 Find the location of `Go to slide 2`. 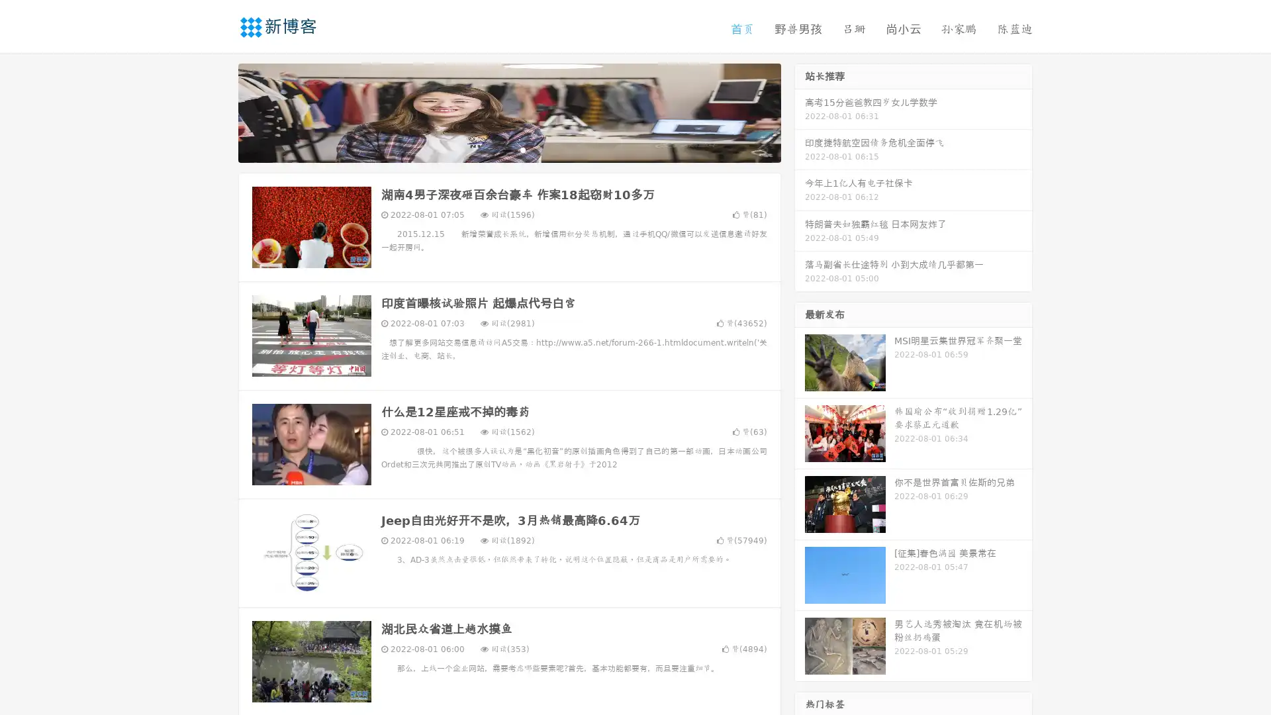

Go to slide 2 is located at coordinates (508, 149).